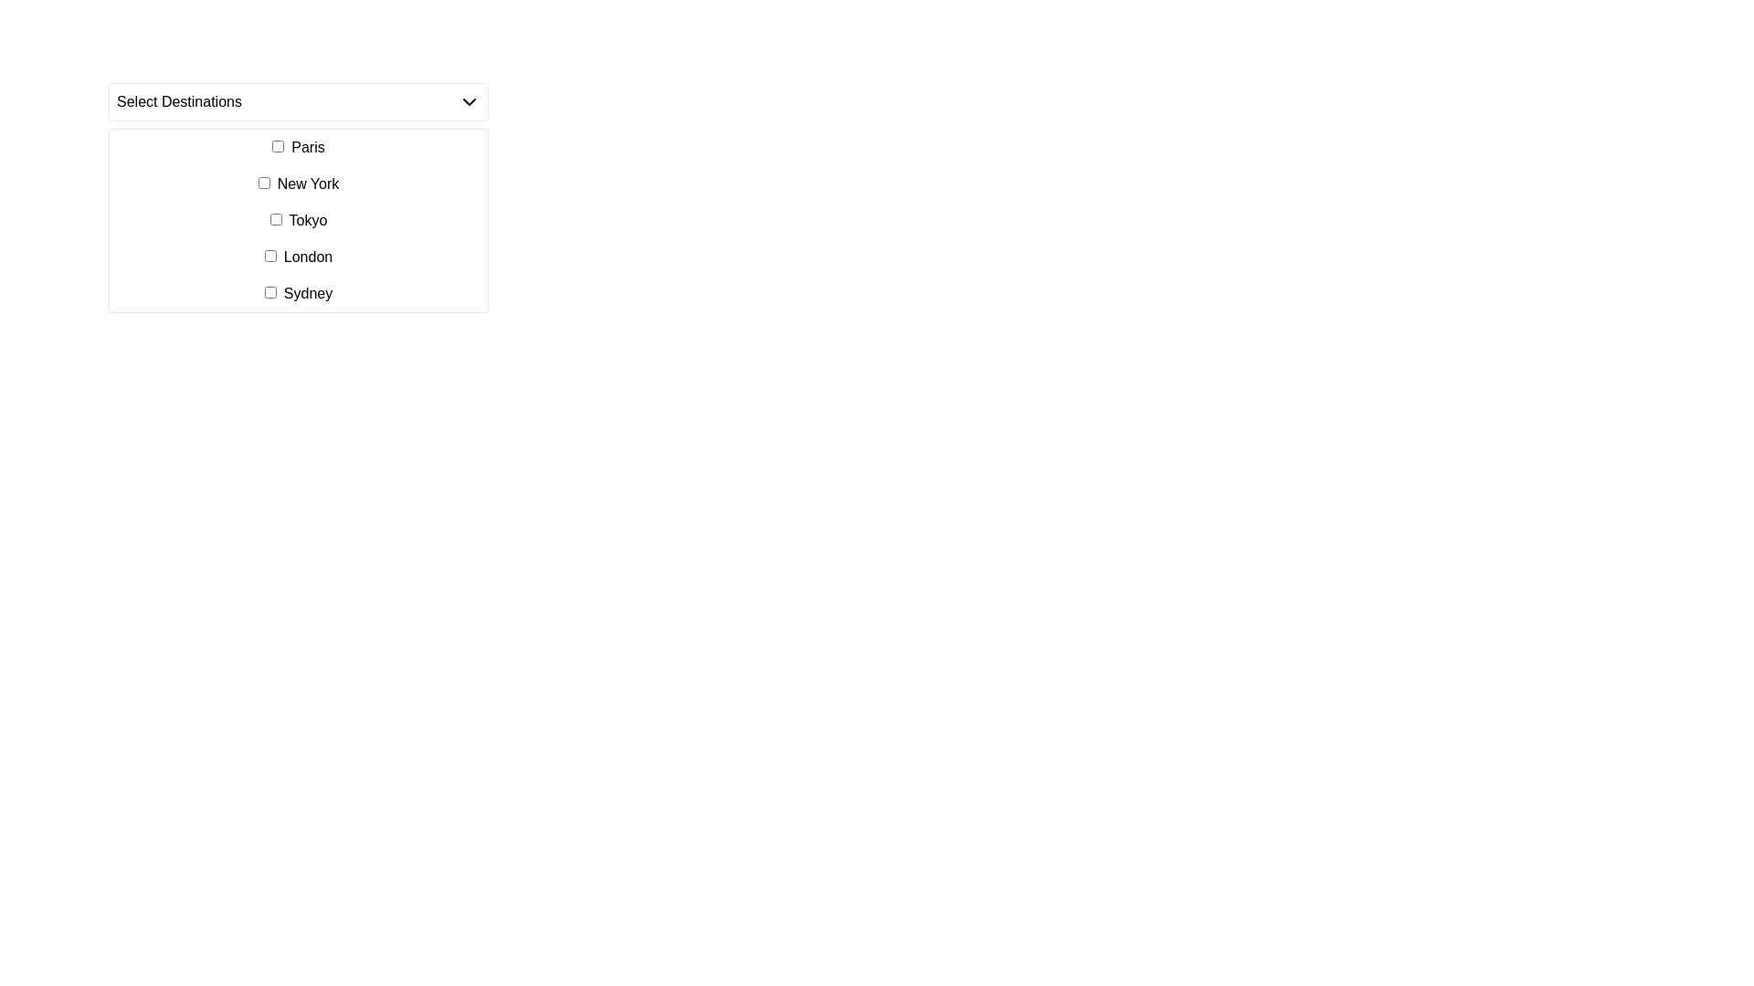 The image size is (1754, 986). What do you see at coordinates (298, 292) in the screenshot?
I see `the checkbox in the dropdown list` at bounding box center [298, 292].